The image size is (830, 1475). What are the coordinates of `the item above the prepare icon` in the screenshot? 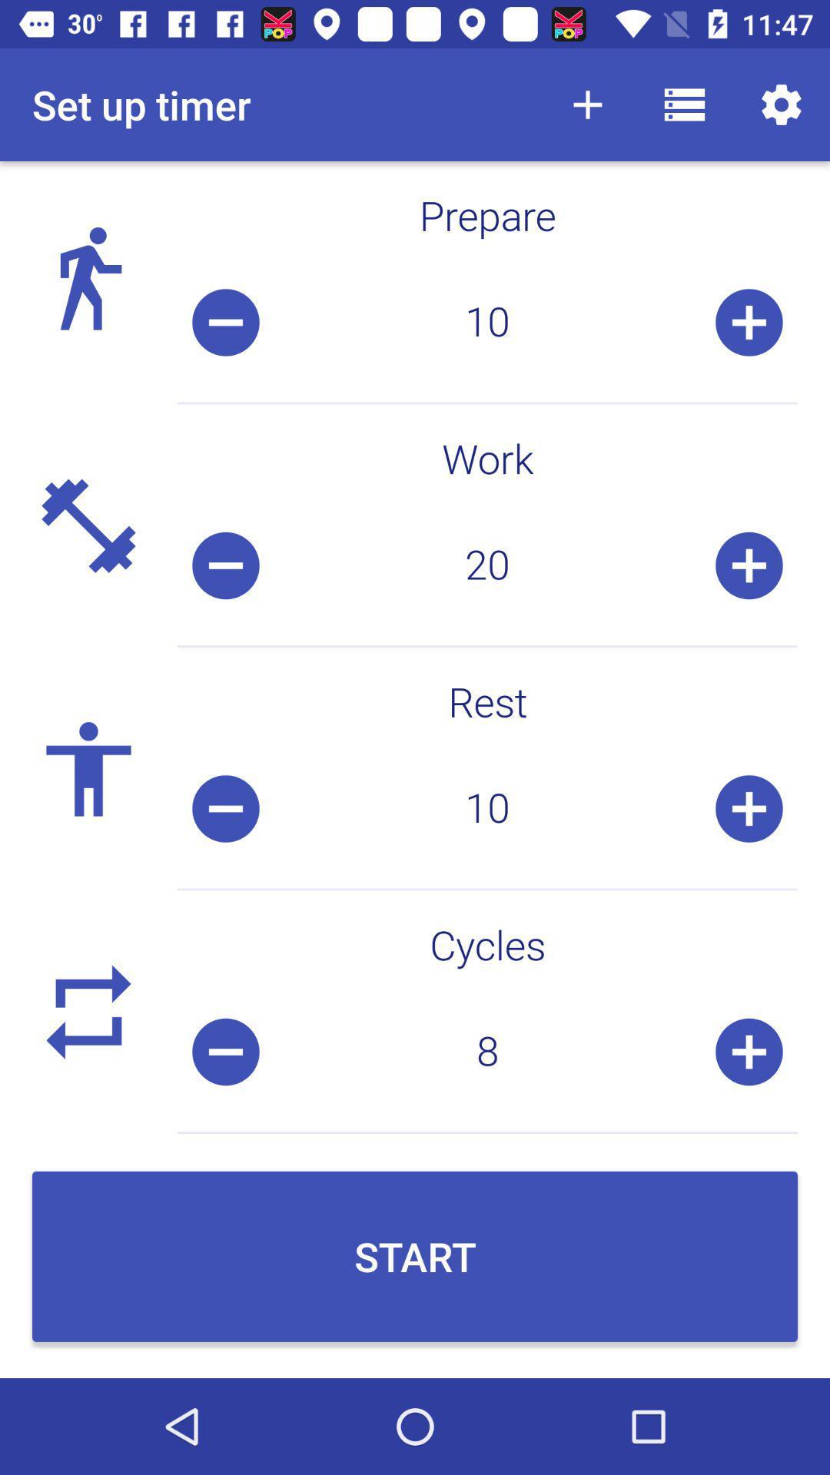 It's located at (782, 104).